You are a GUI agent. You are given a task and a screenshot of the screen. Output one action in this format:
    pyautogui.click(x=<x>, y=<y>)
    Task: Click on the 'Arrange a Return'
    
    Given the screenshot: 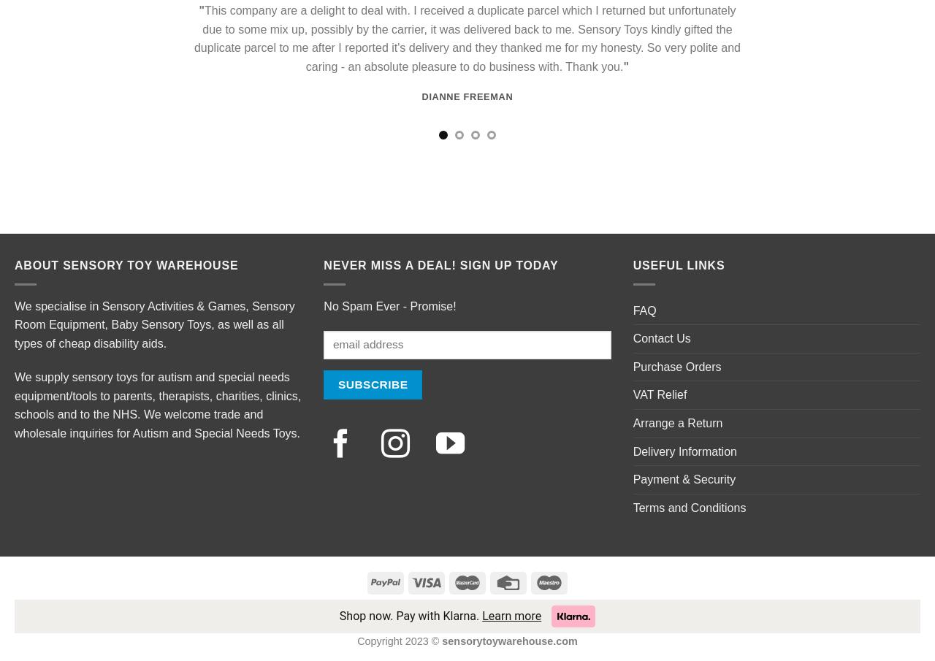 What is the action you would take?
    pyautogui.click(x=633, y=422)
    